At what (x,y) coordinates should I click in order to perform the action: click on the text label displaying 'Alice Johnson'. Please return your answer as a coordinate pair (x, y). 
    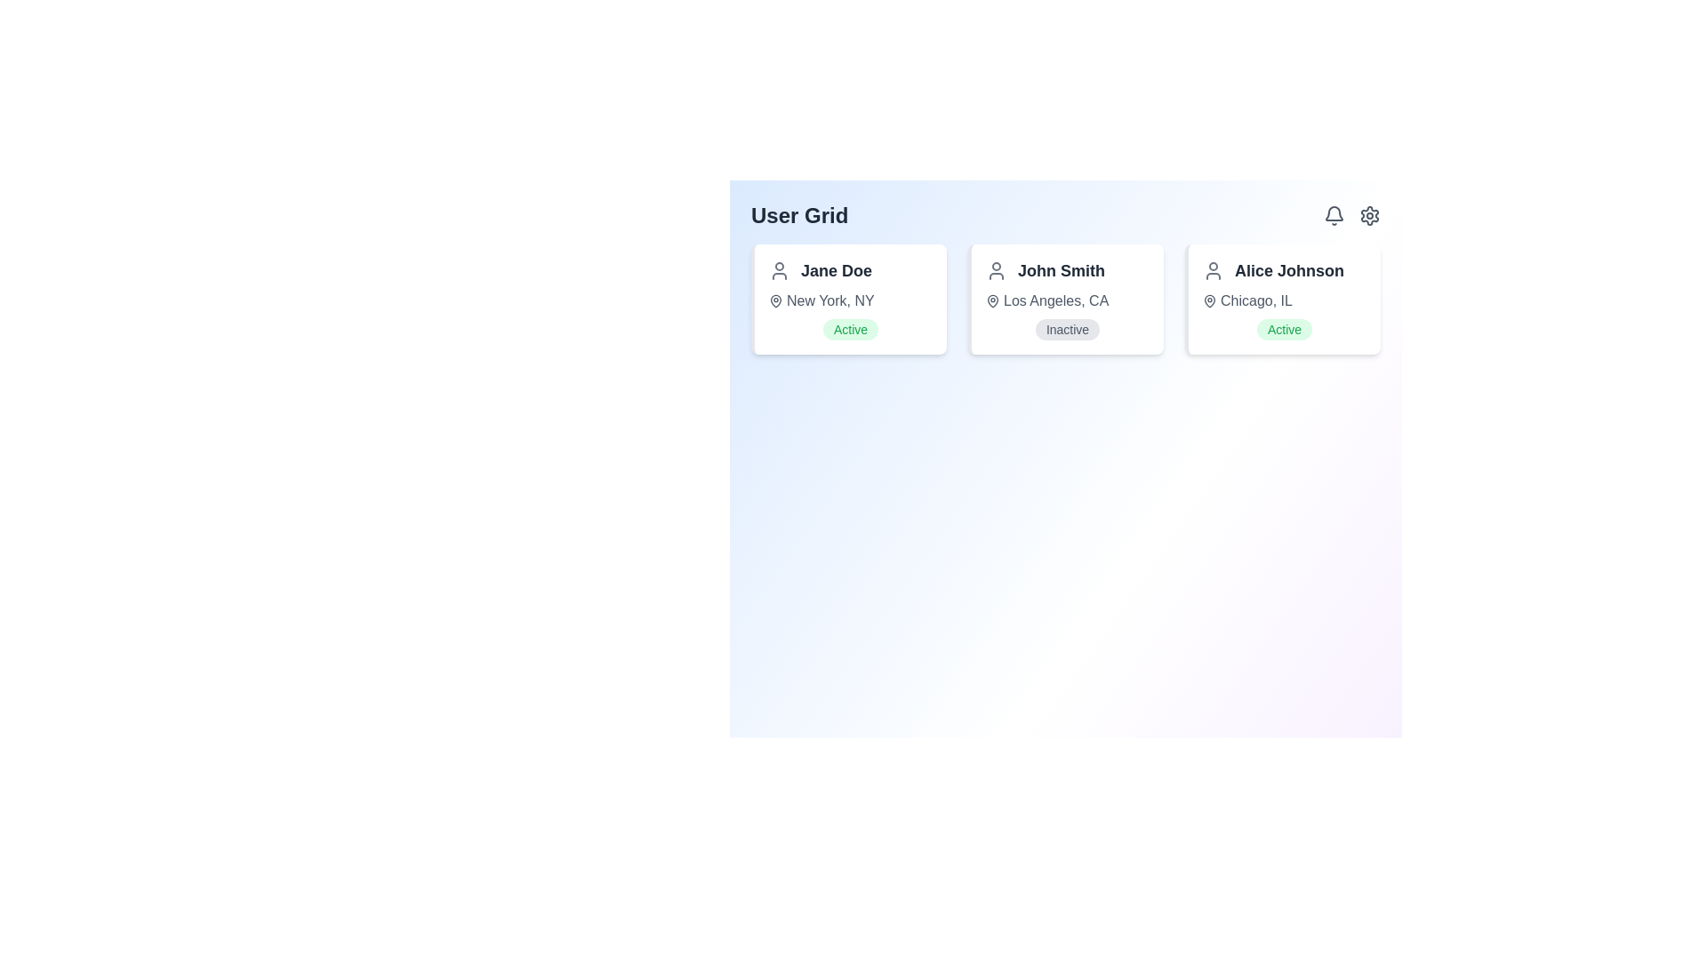
    Looking at the image, I should click on (1284, 270).